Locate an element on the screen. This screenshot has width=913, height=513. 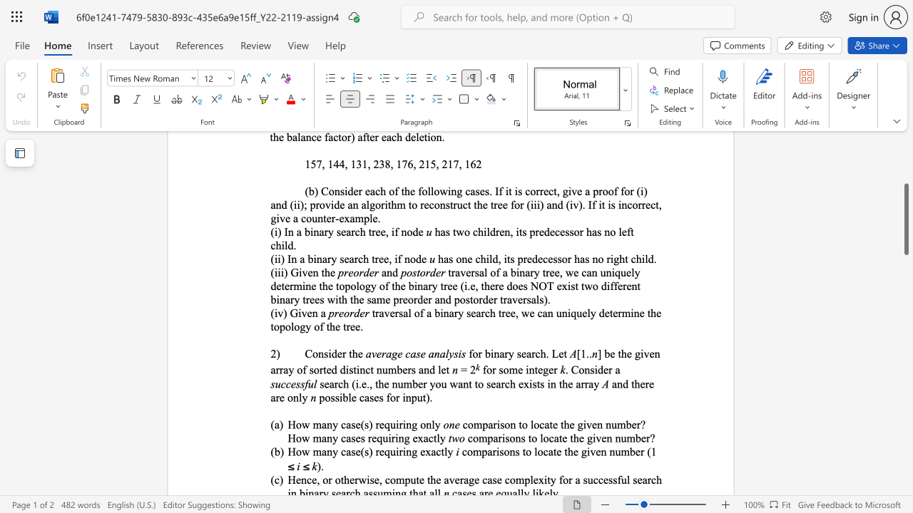
the subset text "ven a" within the text "(iv) Given a" is located at coordinates (300, 312).